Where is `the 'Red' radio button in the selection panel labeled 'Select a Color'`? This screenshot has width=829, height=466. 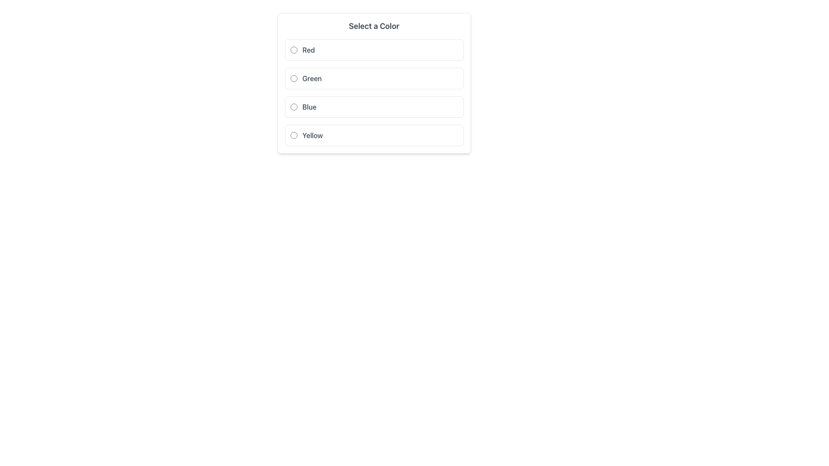
the 'Red' radio button in the selection panel labeled 'Select a Color' is located at coordinates (294, 50).